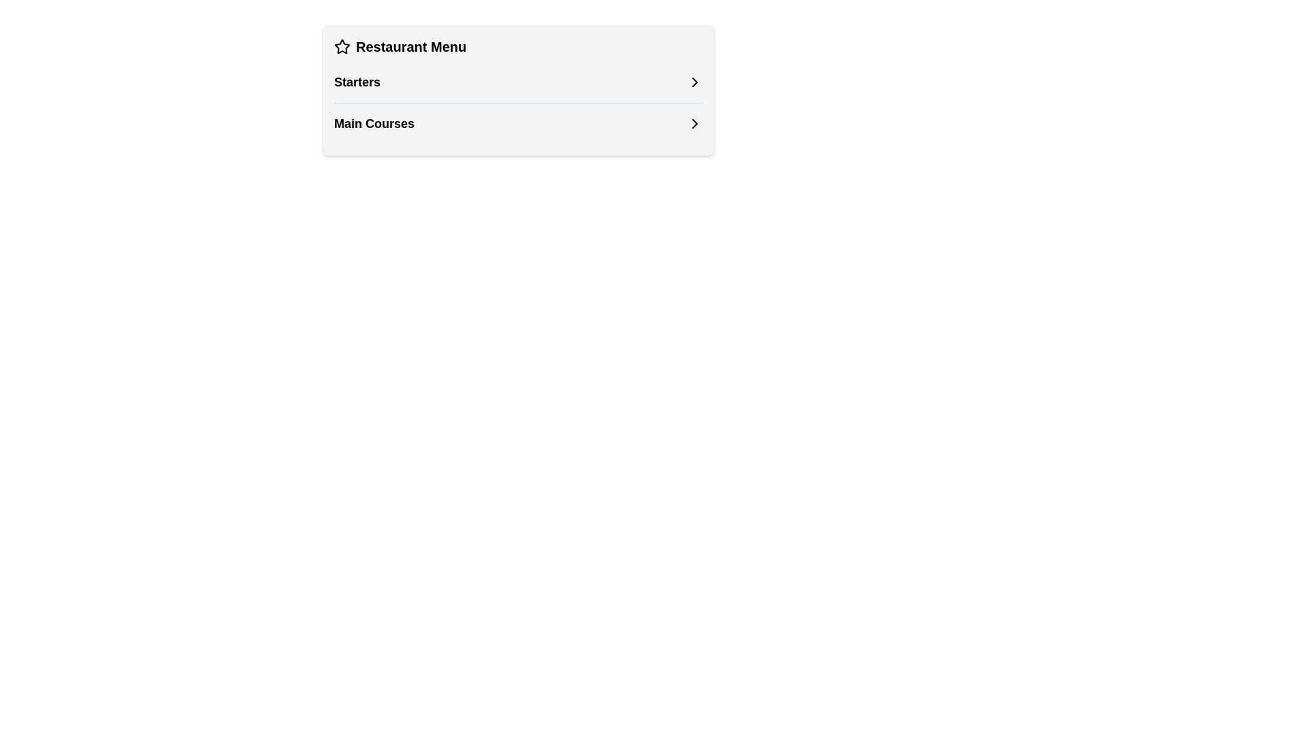 Image resolution: width=1307 pixels, height=735 pixels. I want to click on the rightward pointing chevron icon in the navigation menu, located next to the 'Main Courses' entry, so click(695, 123).